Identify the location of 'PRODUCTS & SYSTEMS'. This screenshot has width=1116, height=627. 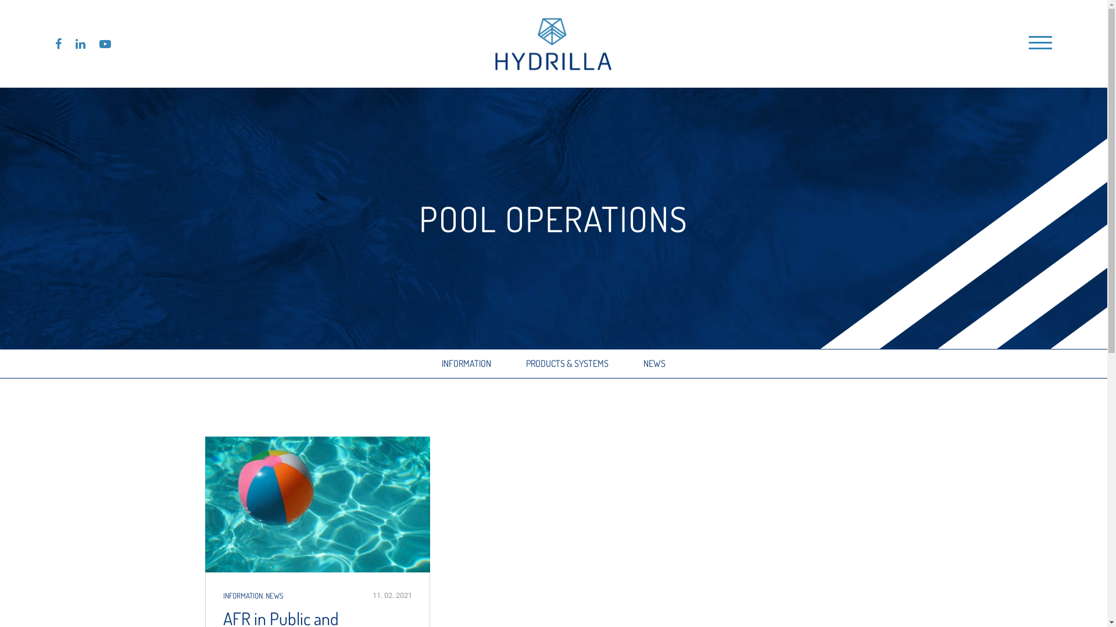
(525, 363).